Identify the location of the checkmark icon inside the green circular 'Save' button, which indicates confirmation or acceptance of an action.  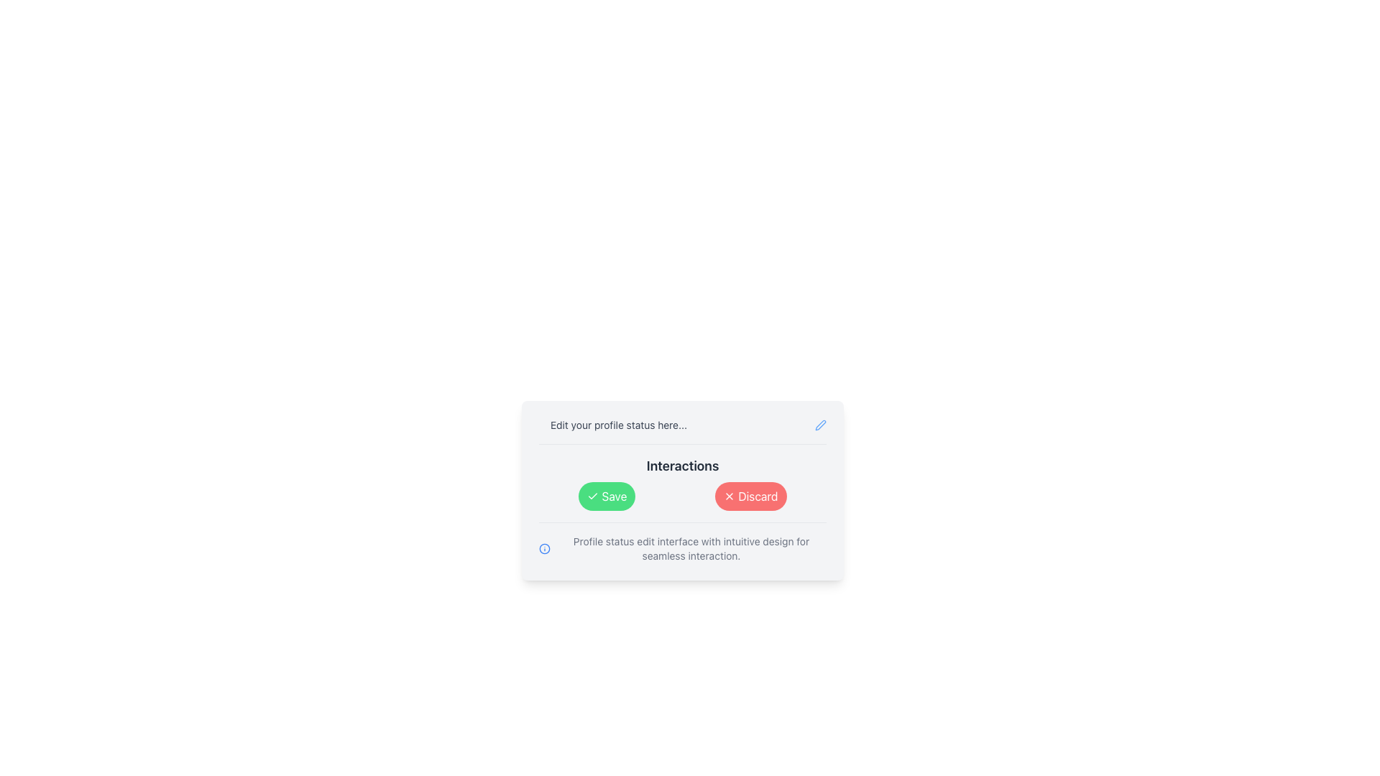
(593, 495).